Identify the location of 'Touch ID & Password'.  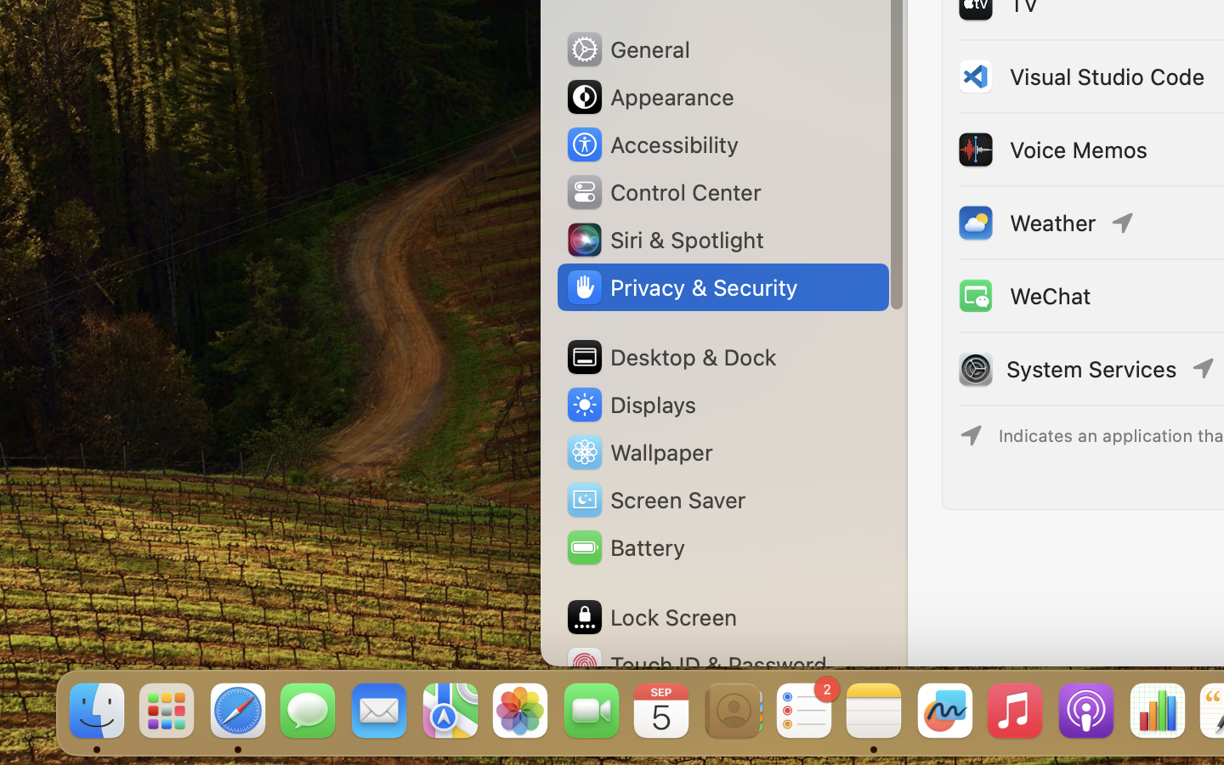
(696, 664).